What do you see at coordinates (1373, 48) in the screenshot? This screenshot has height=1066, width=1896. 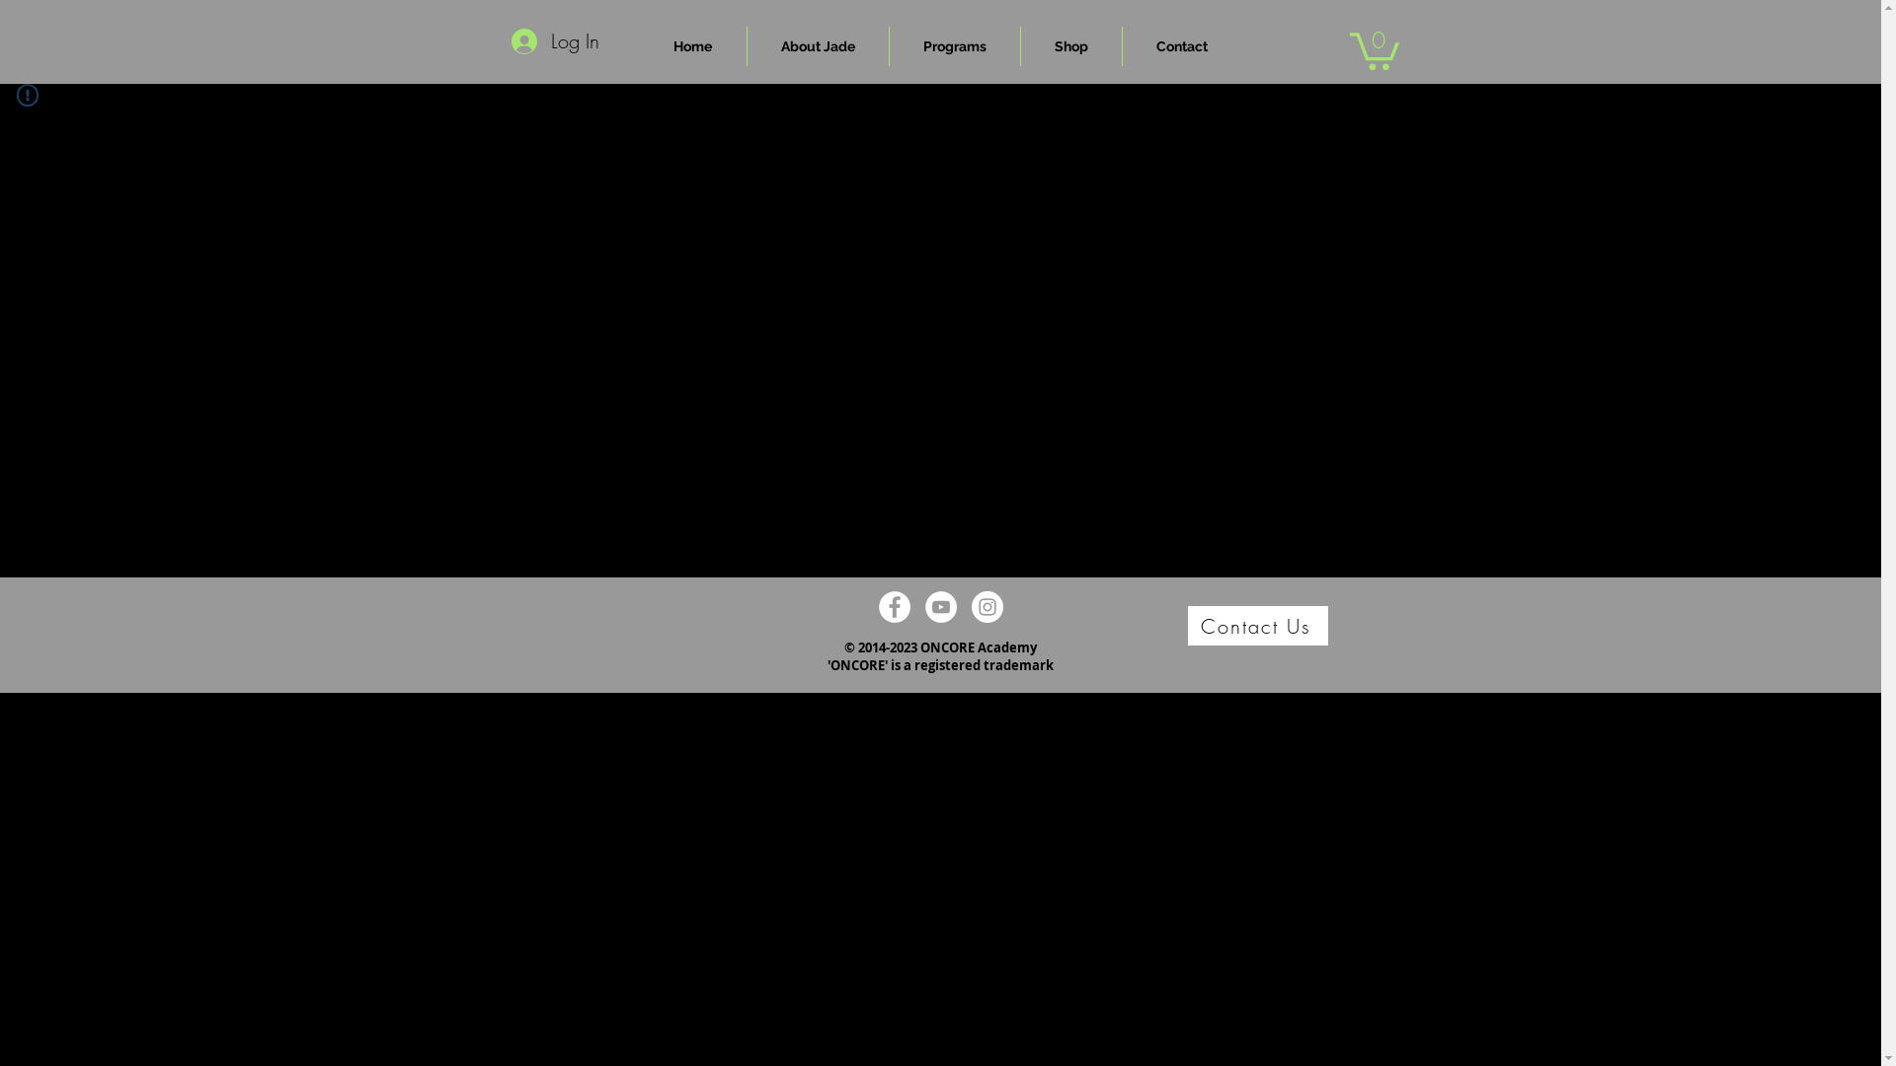 I see `'0'` at bounding box center [1373, 48].